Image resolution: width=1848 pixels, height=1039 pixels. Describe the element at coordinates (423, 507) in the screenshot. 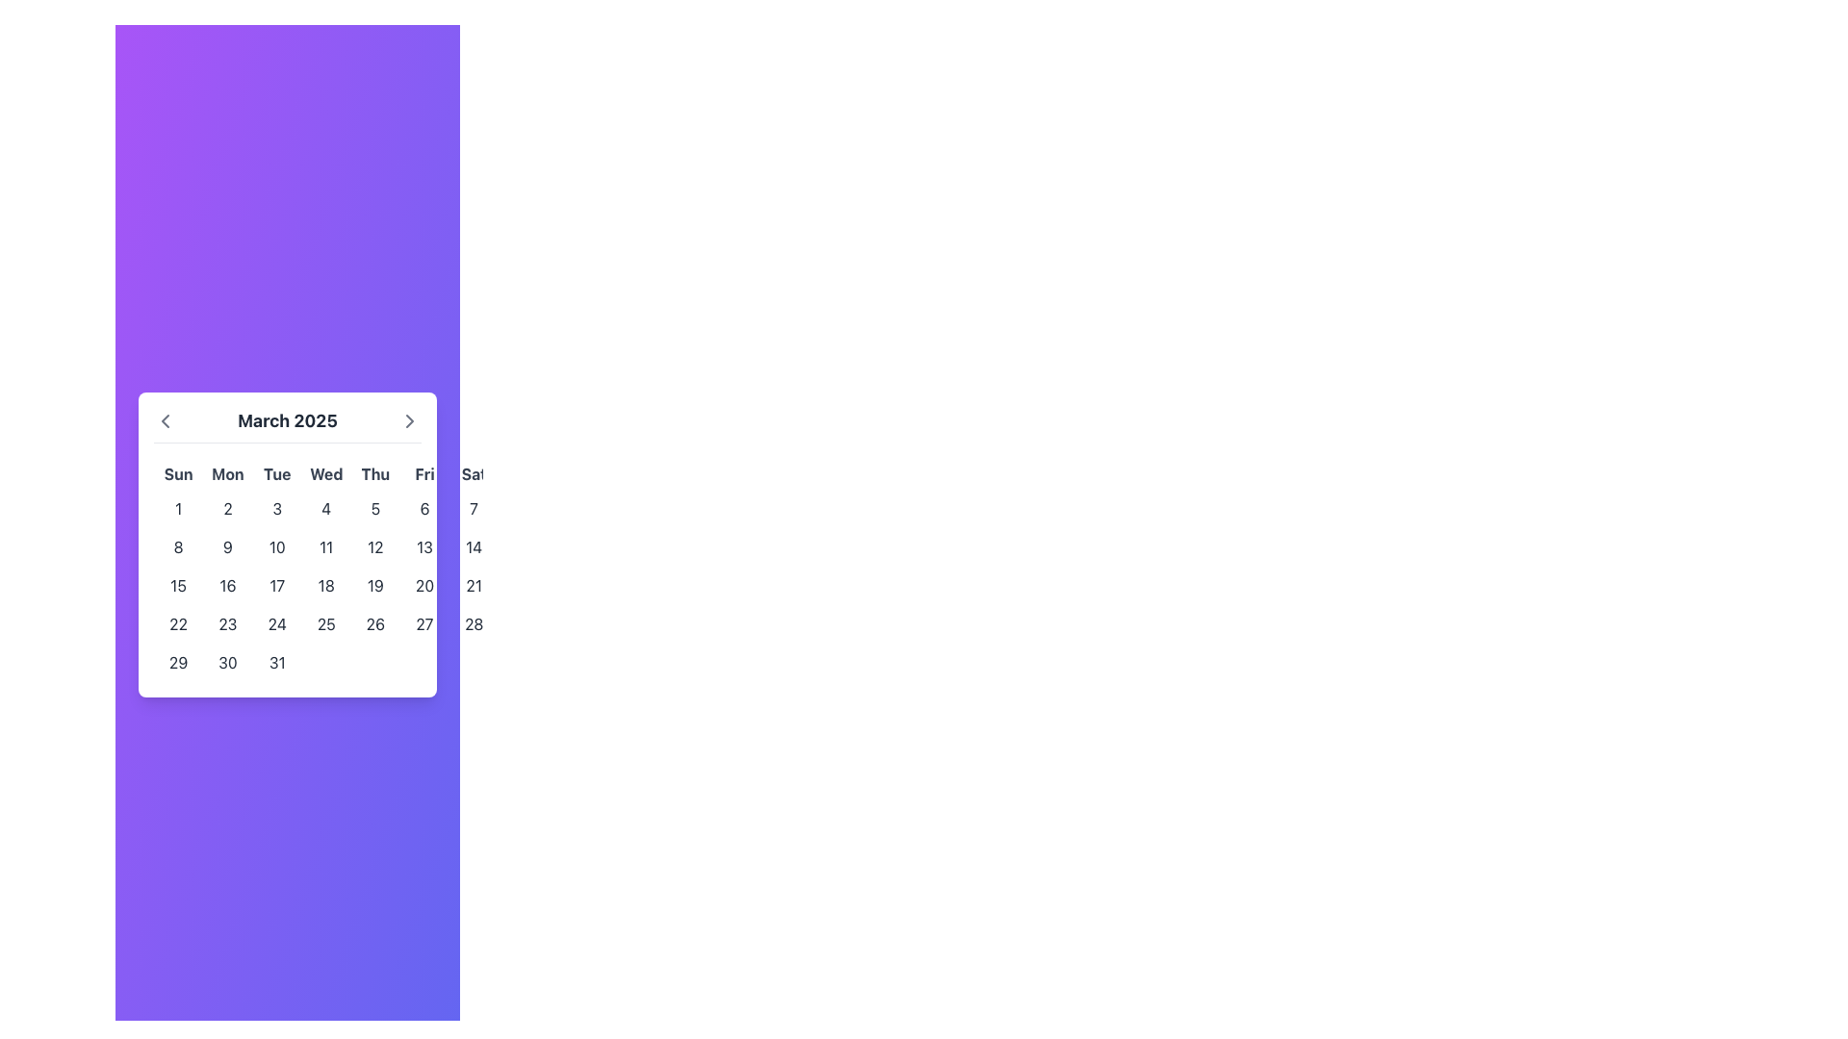

I see `the date button for '6th of March 2025' in the calendar view` at that location.